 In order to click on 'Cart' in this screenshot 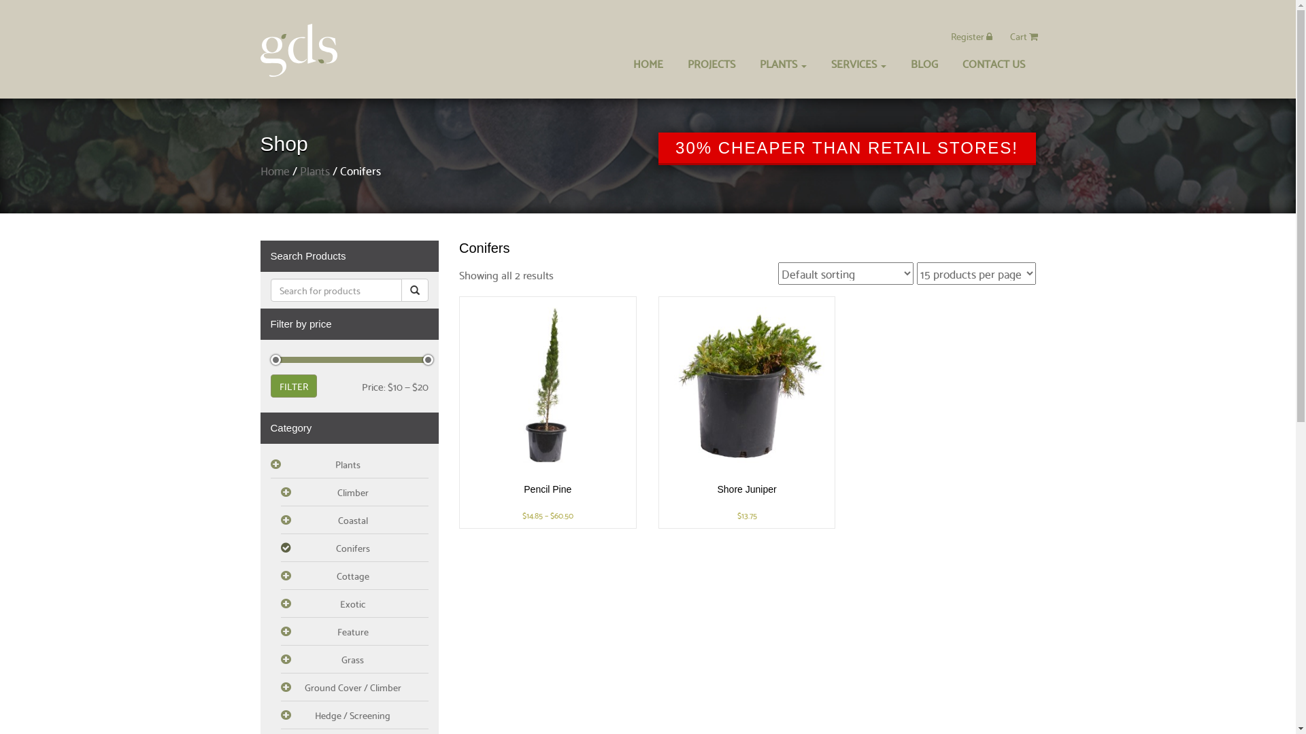, I will do `click(1023, 35)`.